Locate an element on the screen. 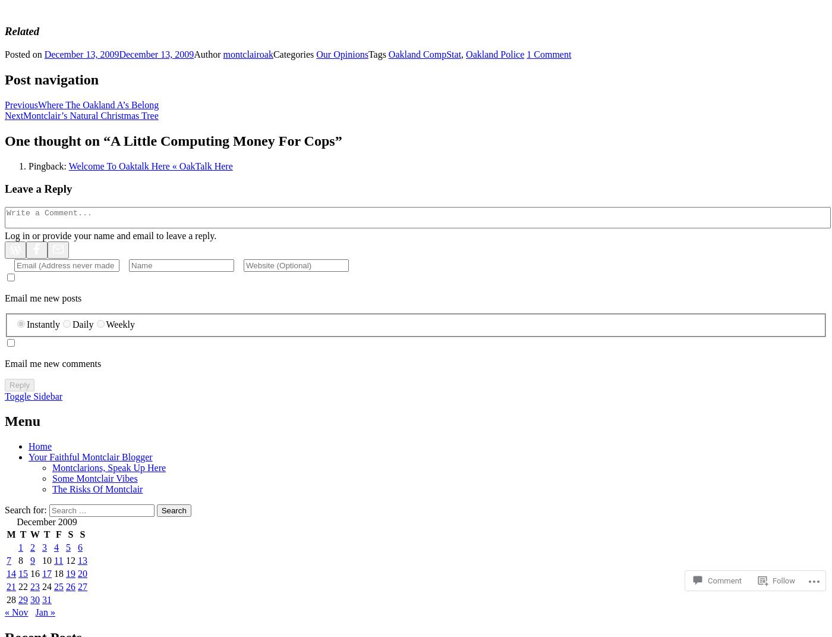 The image size is (832, 637). 'Your Faithful Montclair Blogger' is located at coordinates (29, 456).